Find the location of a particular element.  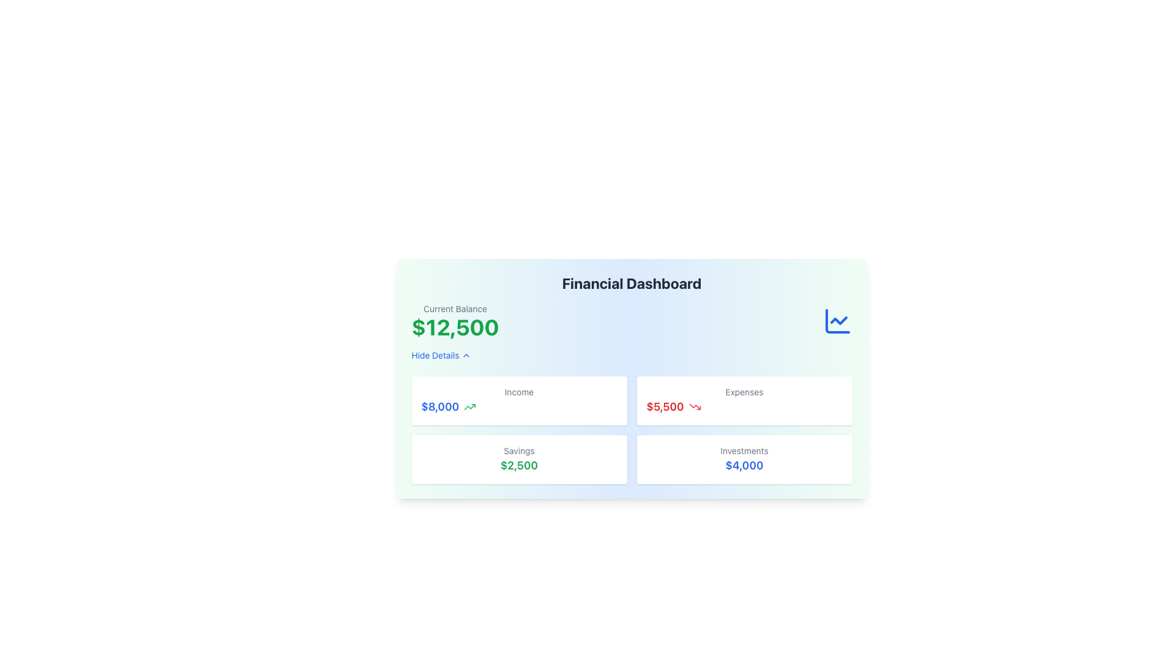

the leftmost part of the downward trend icon, which symbolizes negative financial movement and is positioned near the 'Expenses' label in the financial summary section is located at coordinates (695, 406).